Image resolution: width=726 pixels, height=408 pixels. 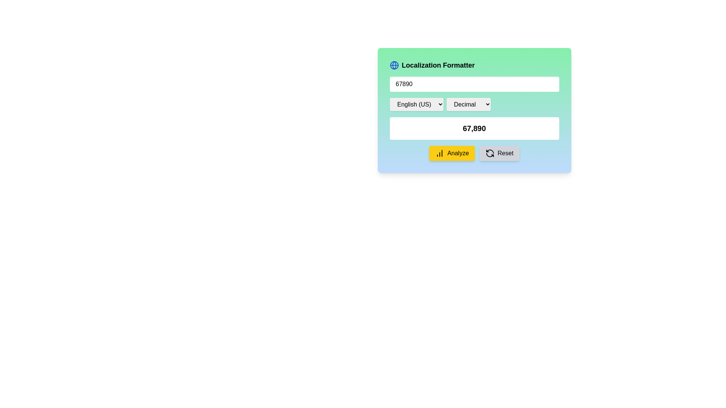 I want to click on the leftmost dropdown menu for language selection, so click(x=416, y=104).